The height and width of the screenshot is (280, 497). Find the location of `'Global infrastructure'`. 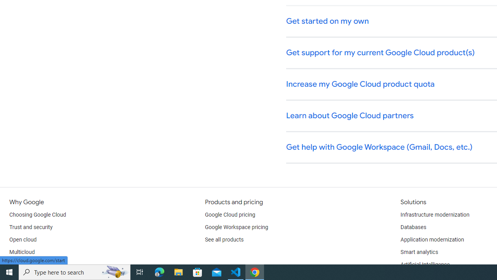

'Global infrastructure' is located at coordinates (34, 264).